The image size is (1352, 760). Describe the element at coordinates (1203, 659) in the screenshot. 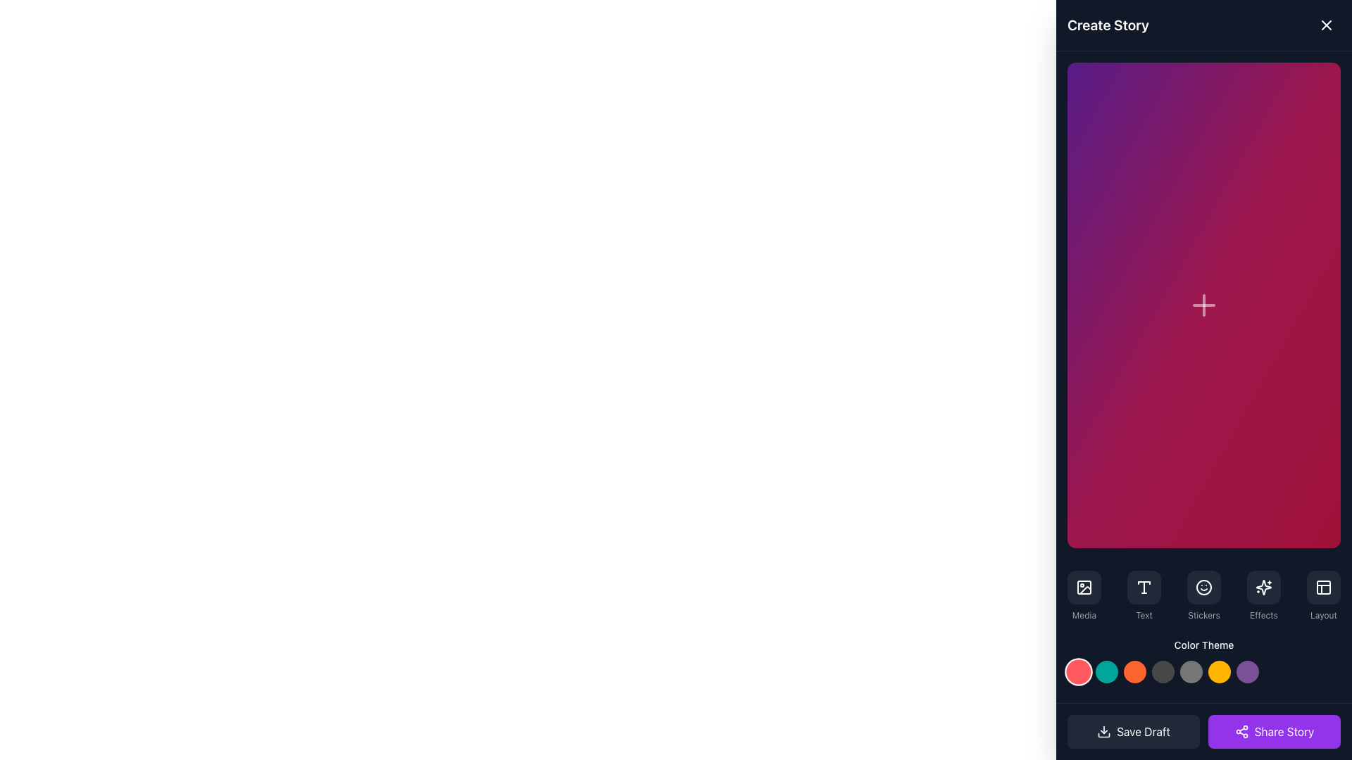

I see `the descriptive label for color selection located centrally in the bottom section of the interface` at that location.